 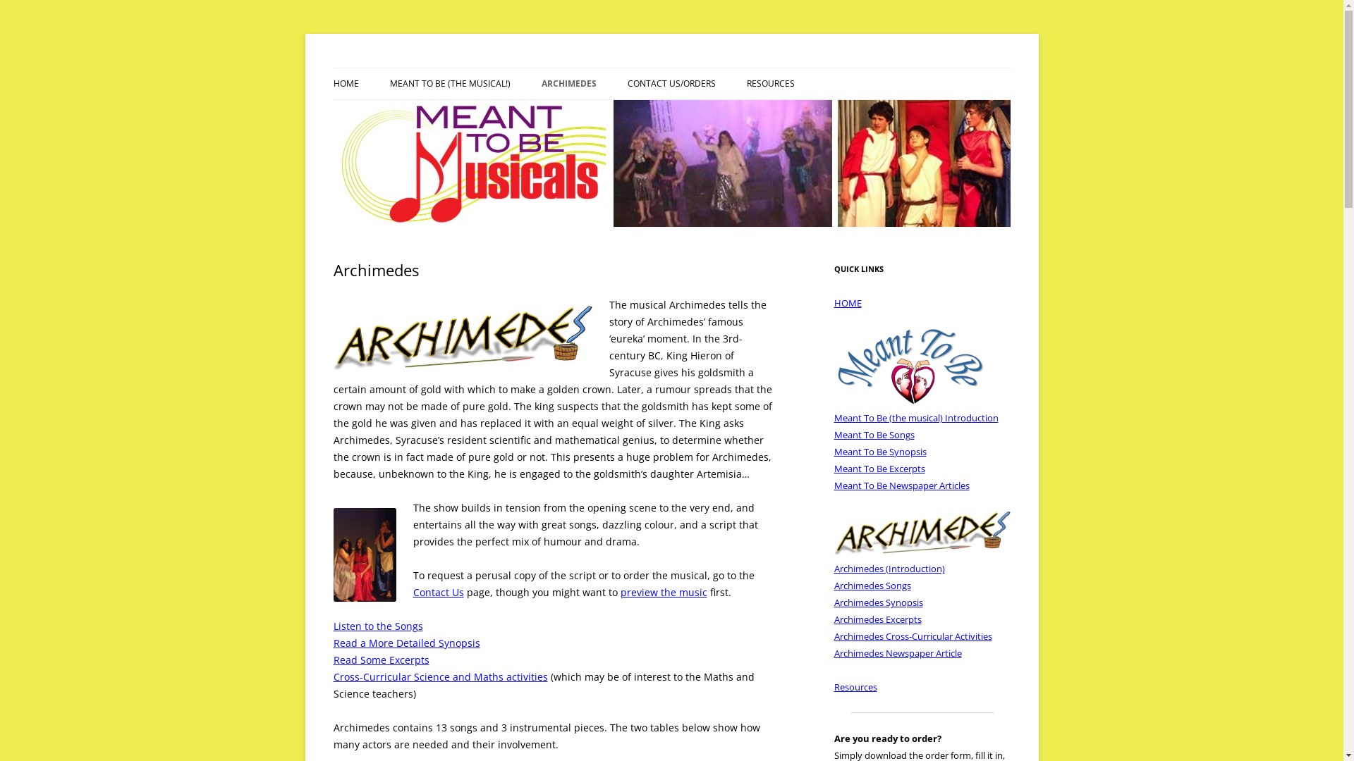 I want to click on 'Meant To Be Synopsis', so click(x=879, y=451).